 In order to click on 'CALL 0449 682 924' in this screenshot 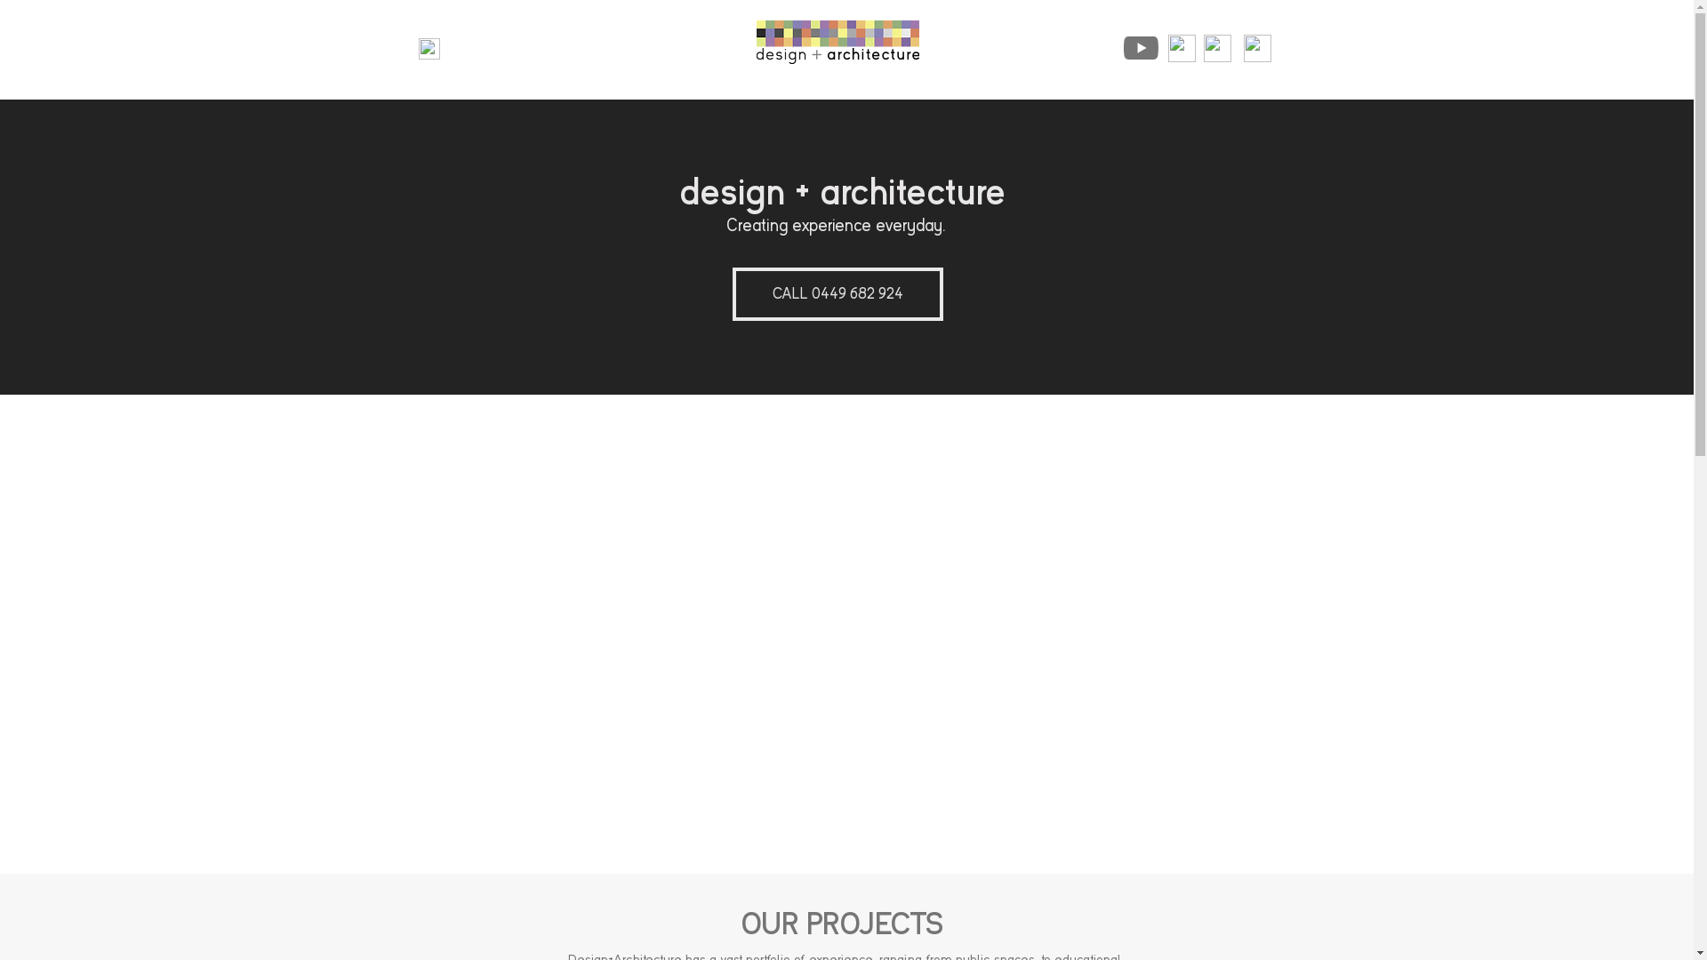, I will do `click(837, 293)`.